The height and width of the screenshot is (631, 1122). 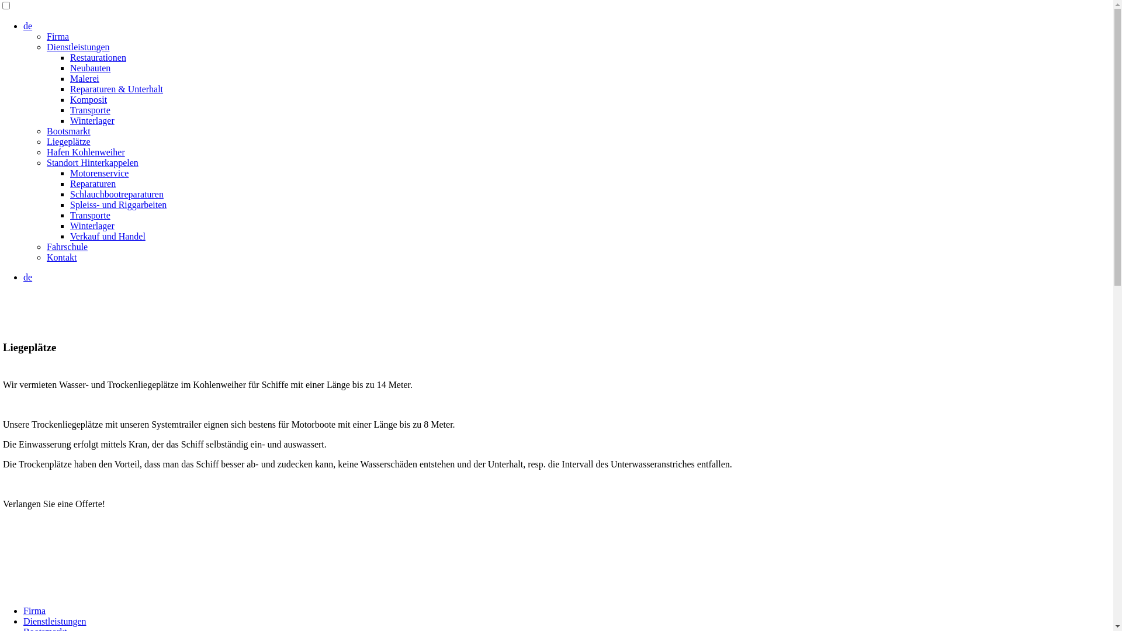 I want to click on 'Reparaturen & Unterhalt', so click(x=116, y=88).